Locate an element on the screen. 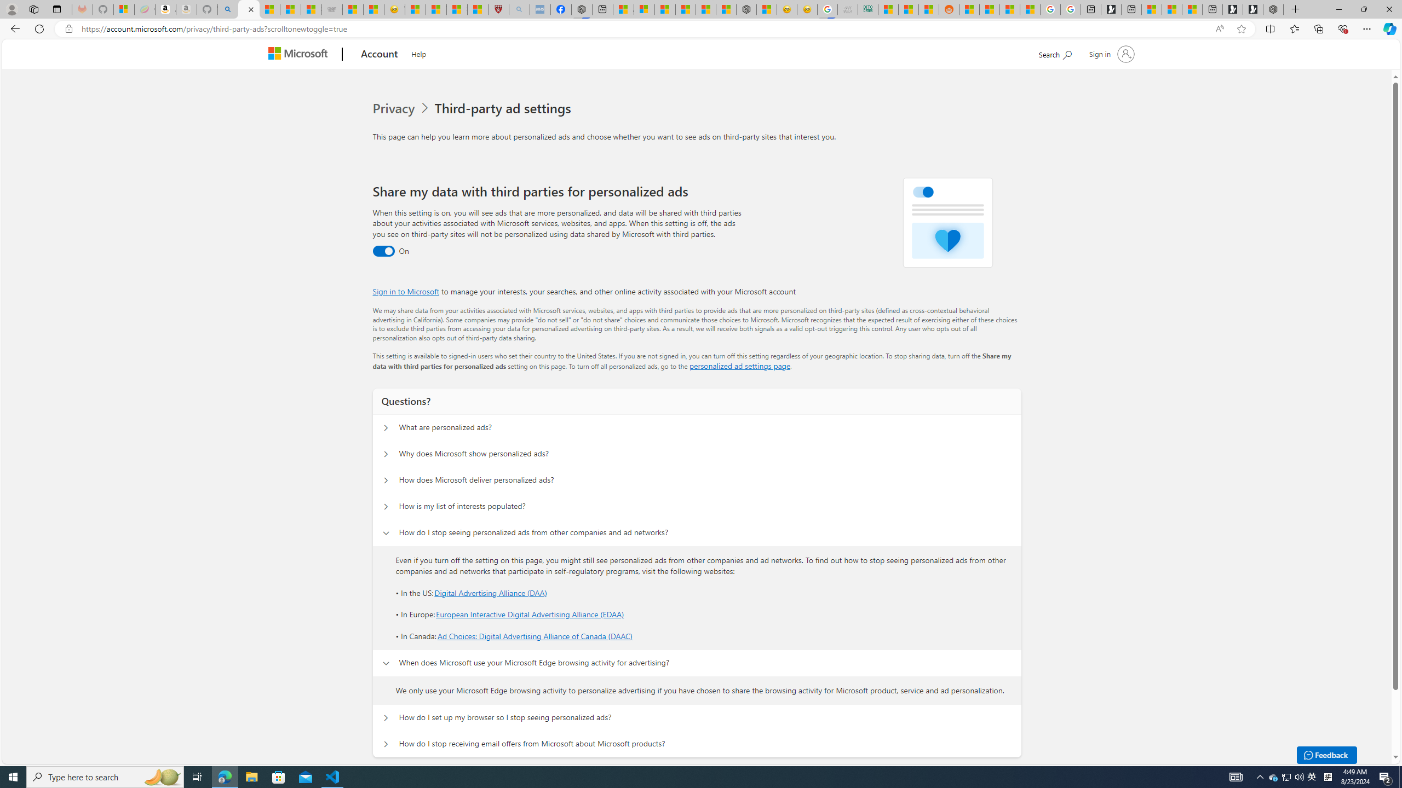 The height and width of the screenshot is (788, 1402). 'DITOGAMES AG Imprint' is located at coordinates (868, 9).